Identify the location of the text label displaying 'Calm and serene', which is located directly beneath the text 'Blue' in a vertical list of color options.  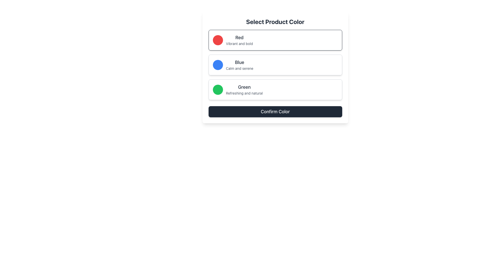
(239, 68).